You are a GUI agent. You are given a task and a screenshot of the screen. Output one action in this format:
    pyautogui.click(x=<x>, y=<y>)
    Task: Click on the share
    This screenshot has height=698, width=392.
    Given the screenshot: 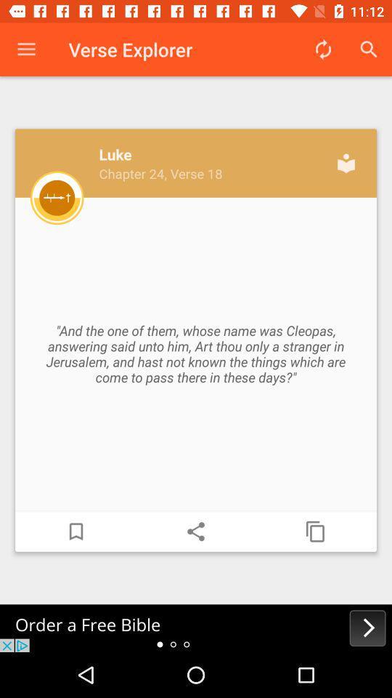 What is the action you would take?
    pyautogui.click(x=196, y=531)
    